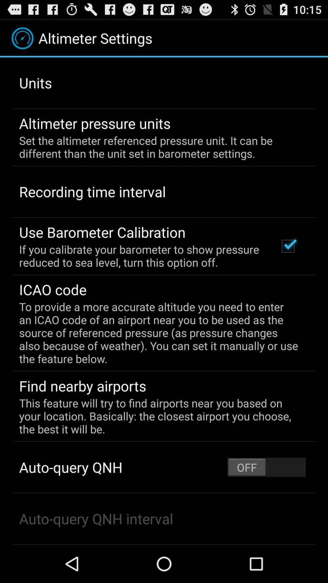 This screenshot has width=328, height=583. What do you see at coordinates (266, 467) in the screenshot?
I see `item below this feature will item` at bounding box center [266, 467].